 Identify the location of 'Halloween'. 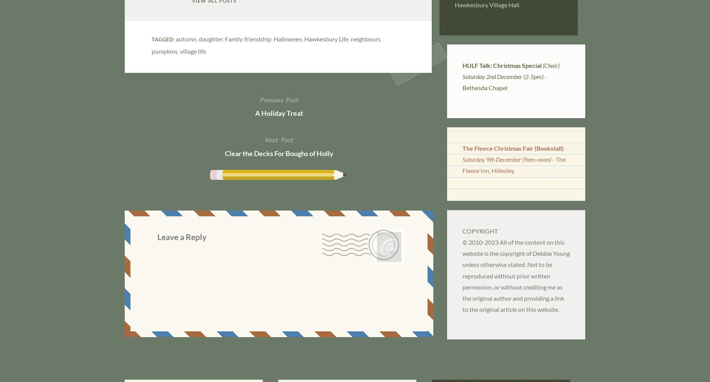
(287, 38).